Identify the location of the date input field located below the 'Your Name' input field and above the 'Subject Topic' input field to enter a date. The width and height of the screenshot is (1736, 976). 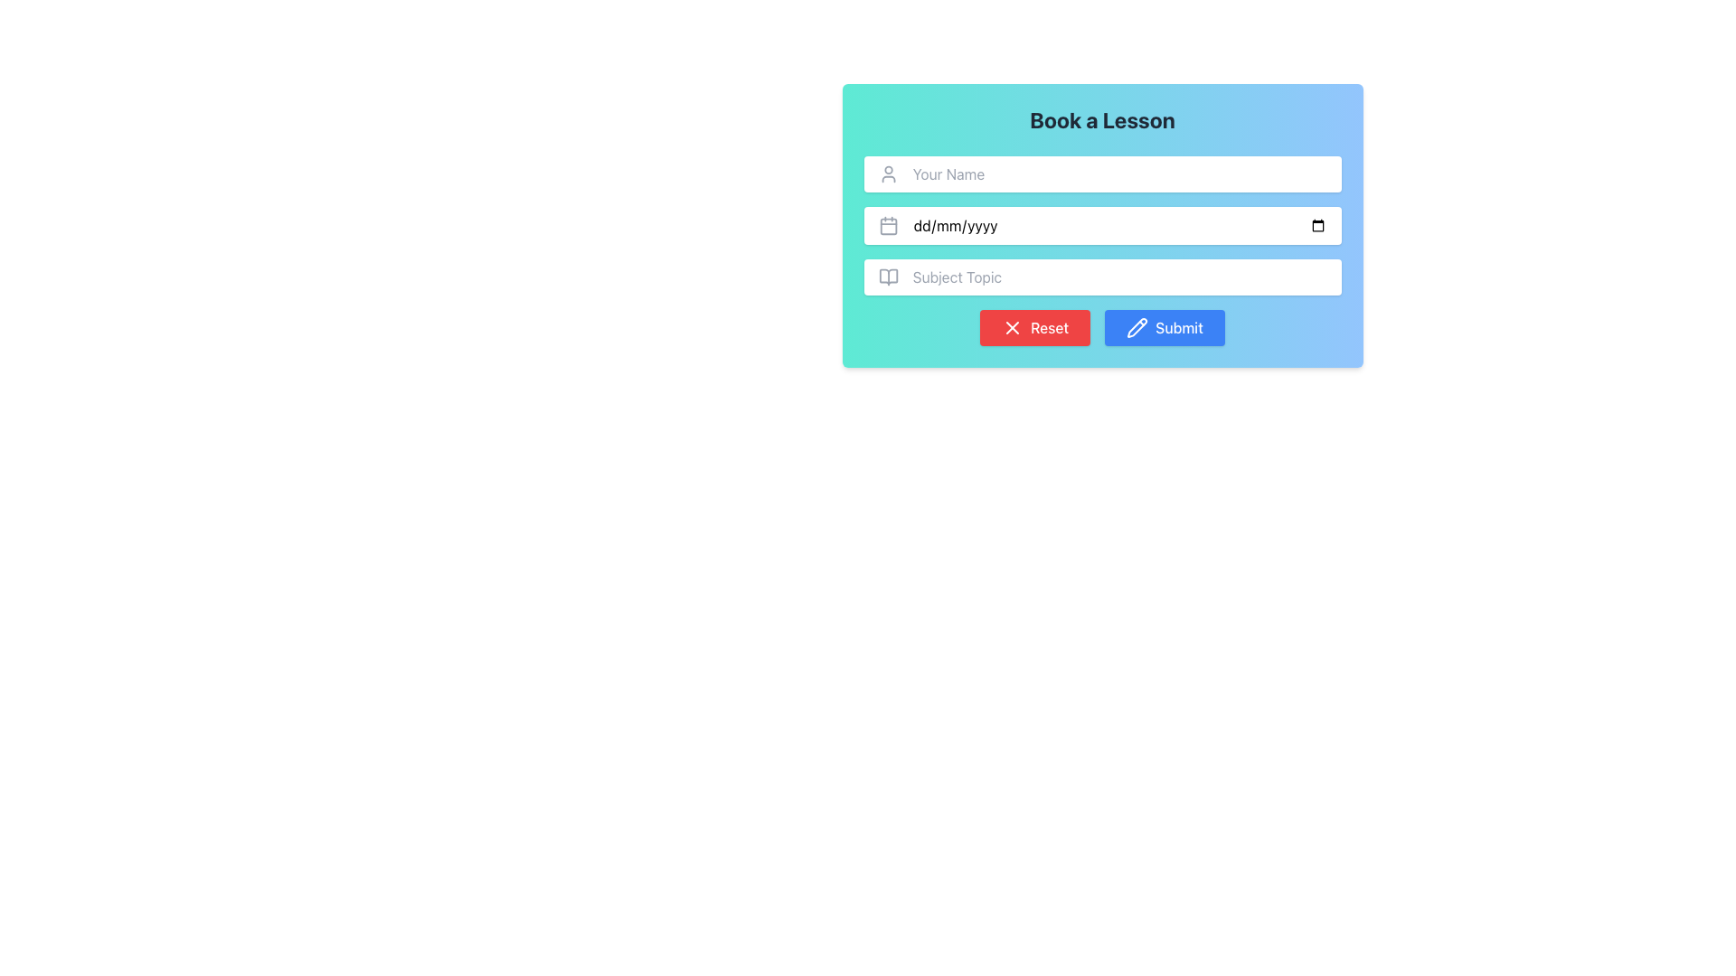
(1101, 225).